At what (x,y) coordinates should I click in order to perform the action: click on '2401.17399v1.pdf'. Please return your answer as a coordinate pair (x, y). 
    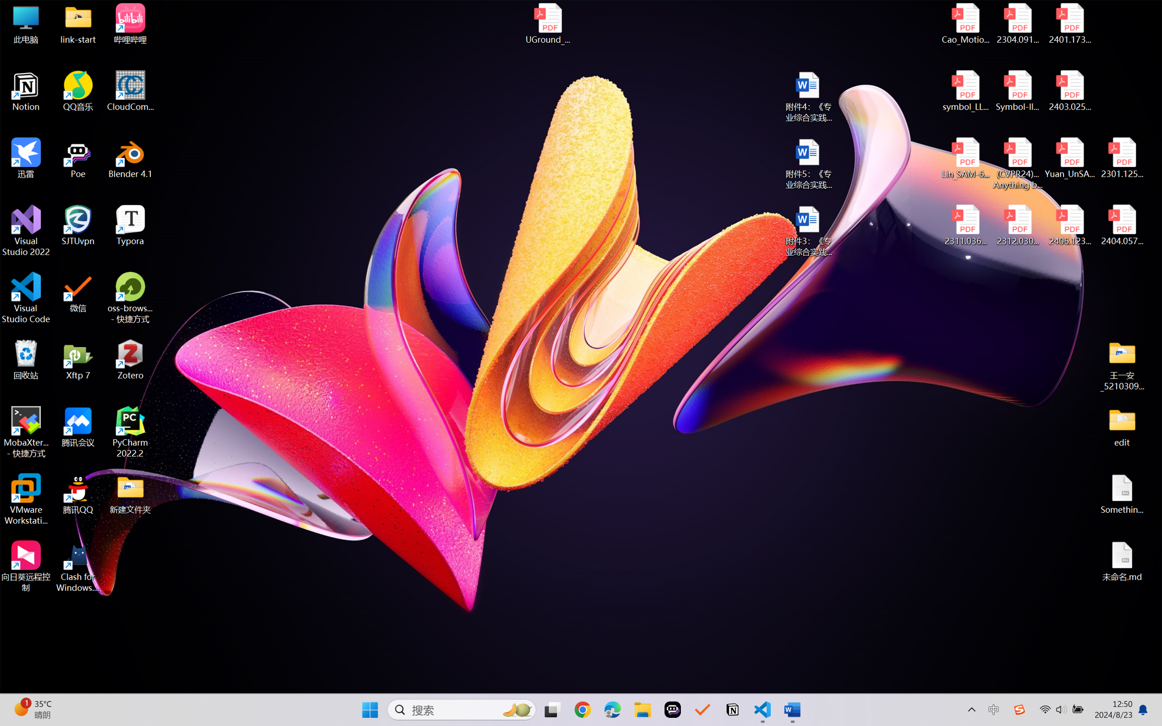
    Looking at the image, I should click on (1069, 24).